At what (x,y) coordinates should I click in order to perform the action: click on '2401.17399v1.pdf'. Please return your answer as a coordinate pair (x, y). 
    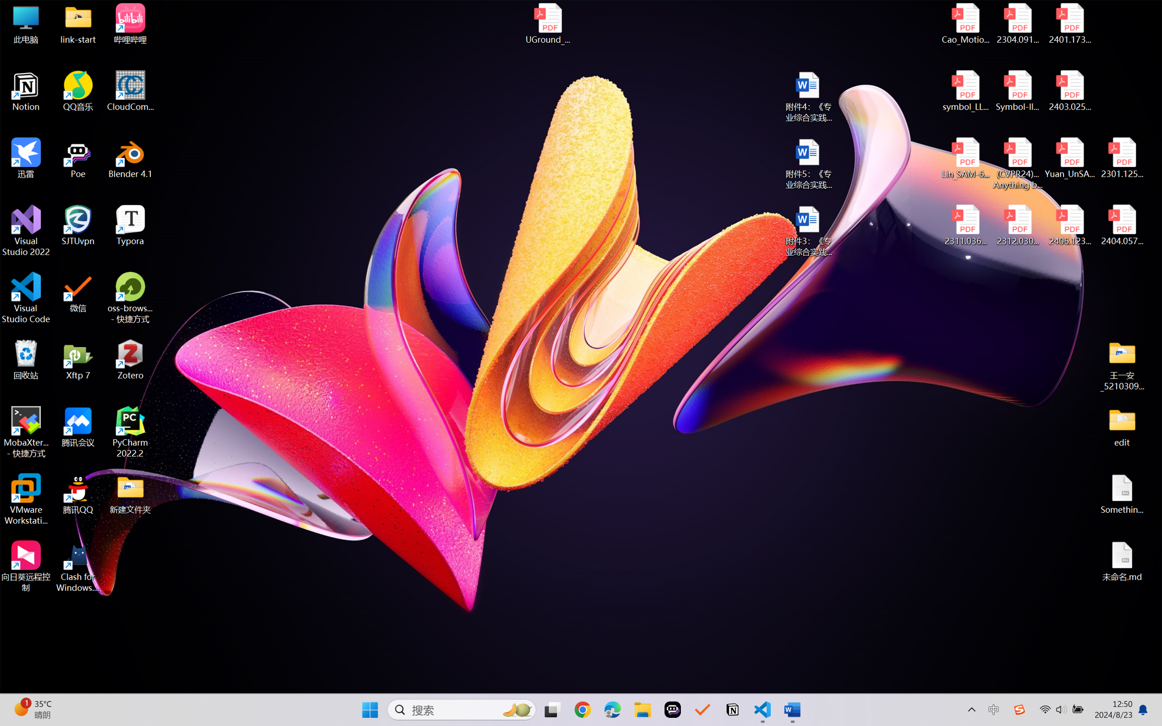
    Looking at the image, I should click on (1069, 24).